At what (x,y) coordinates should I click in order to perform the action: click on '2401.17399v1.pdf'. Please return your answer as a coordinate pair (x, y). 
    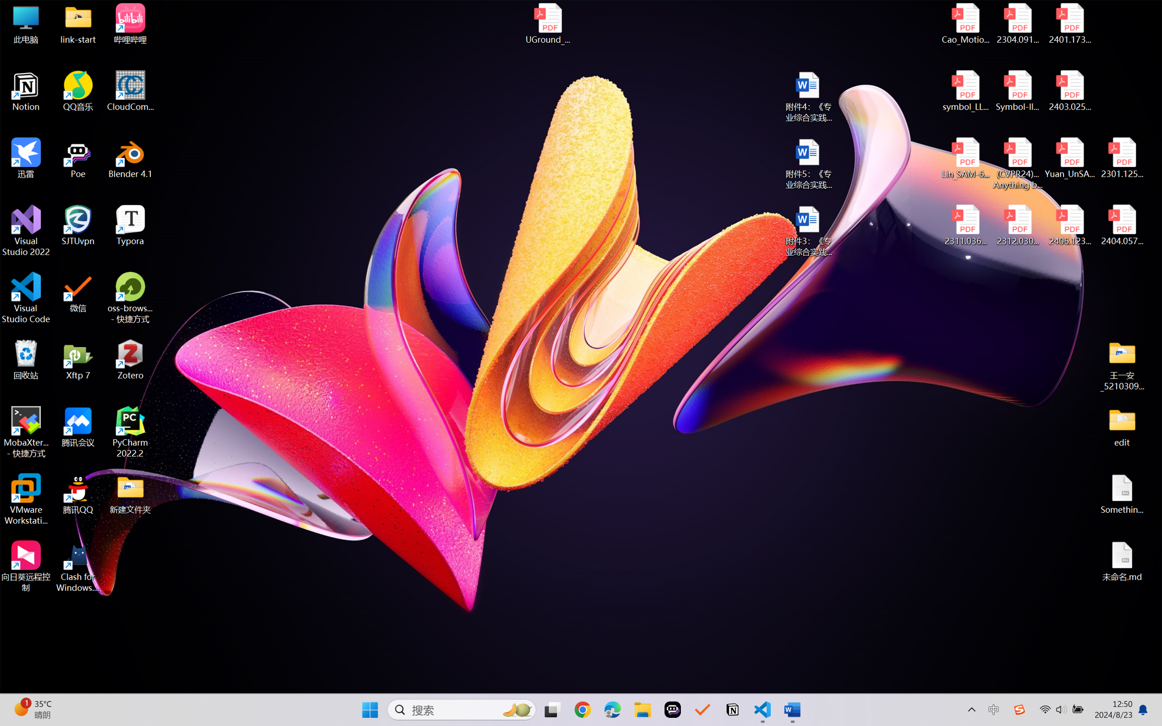
    Looking at the image, I should click on (1069, 24).